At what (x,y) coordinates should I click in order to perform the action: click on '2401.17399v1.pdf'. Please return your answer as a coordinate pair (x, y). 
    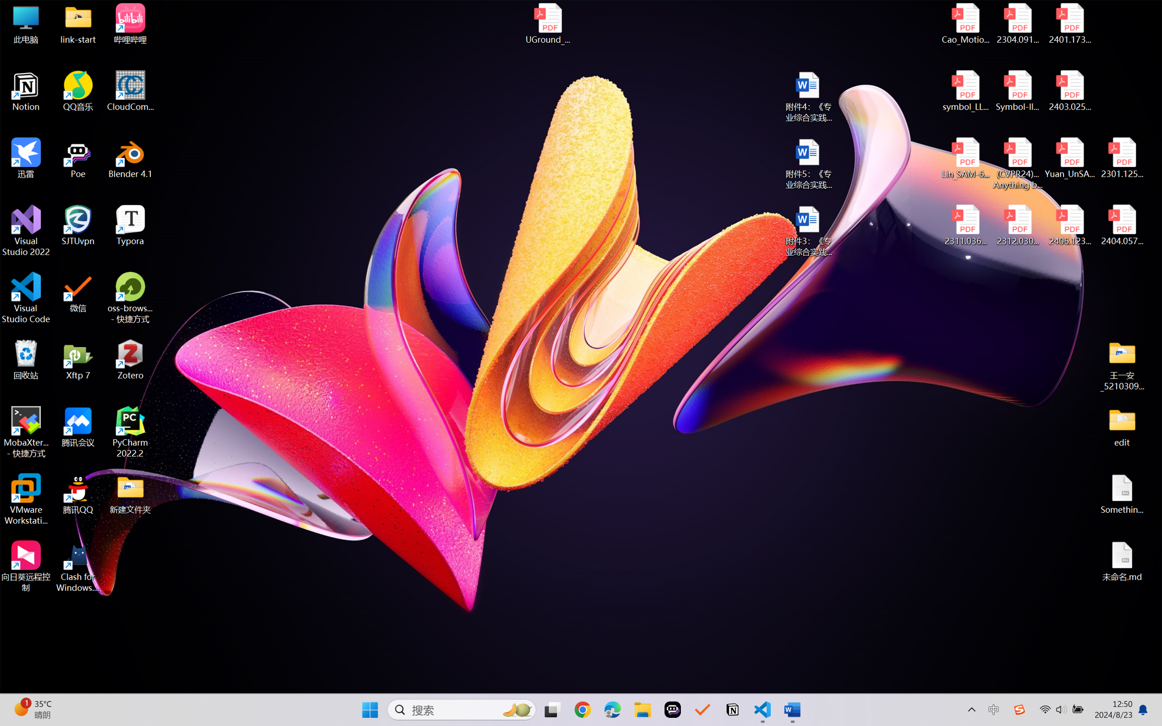
    Looking at the image, I should click on (1069, 24).